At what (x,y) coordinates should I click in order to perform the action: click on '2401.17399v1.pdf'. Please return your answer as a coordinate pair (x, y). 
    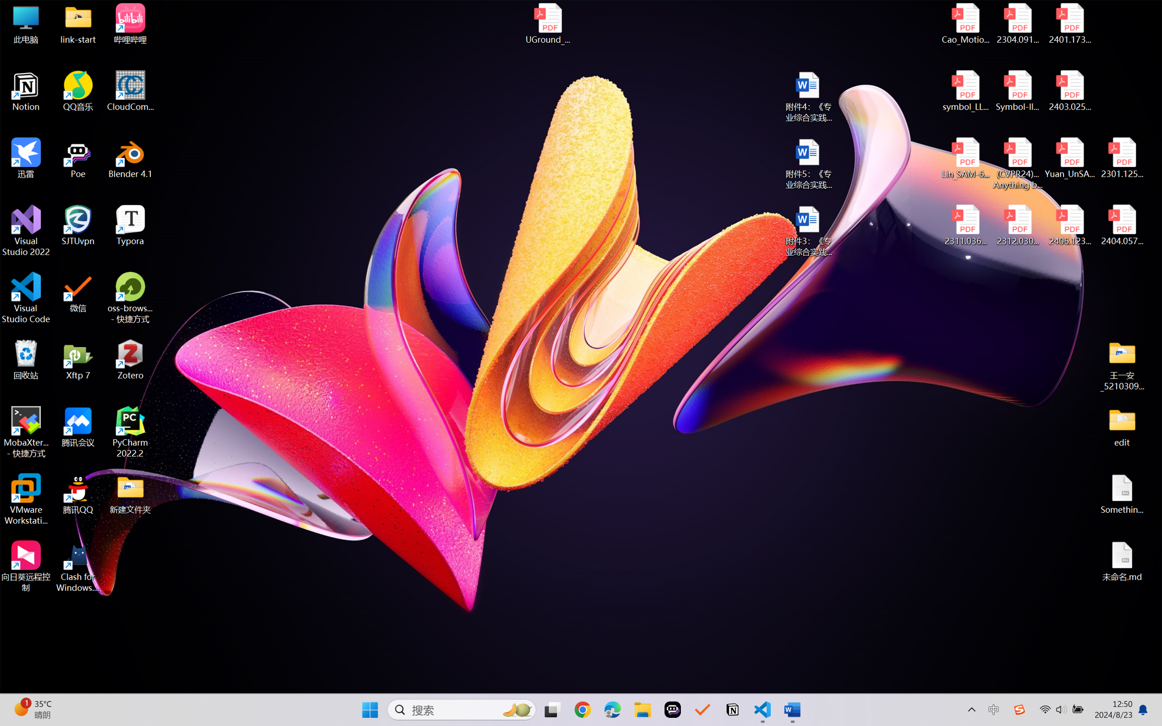
    Looking at the image, I should click on (1069, 24).